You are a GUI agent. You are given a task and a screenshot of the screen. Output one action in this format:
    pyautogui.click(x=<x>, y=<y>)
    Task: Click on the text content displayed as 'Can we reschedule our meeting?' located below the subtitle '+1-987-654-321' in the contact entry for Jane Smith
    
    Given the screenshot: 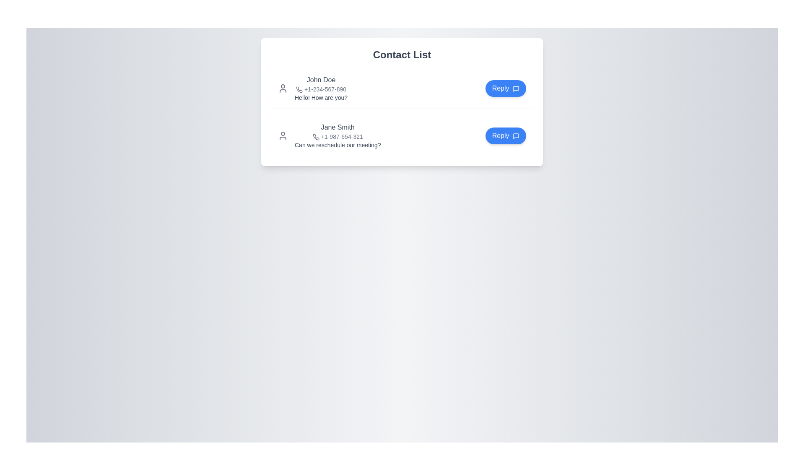 What is the action you would take?
    pyautogui.click(x=338, y=145)
    